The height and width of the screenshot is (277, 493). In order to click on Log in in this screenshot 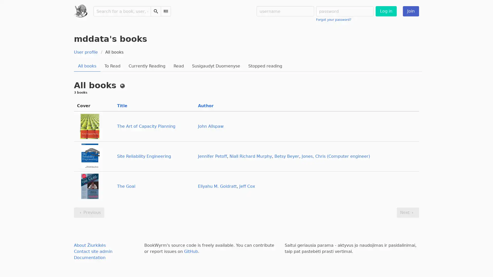, I will do `click(386, 11)`.